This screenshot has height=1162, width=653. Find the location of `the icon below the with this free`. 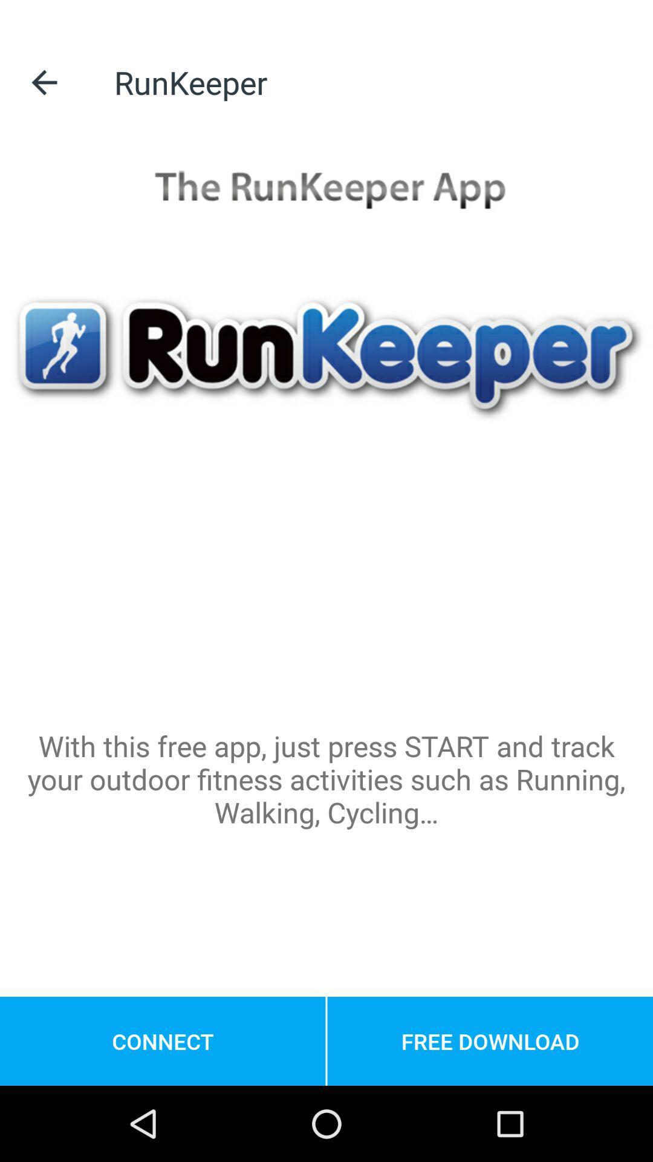

the icon below the with this free is located at coordinates (490, 1040).